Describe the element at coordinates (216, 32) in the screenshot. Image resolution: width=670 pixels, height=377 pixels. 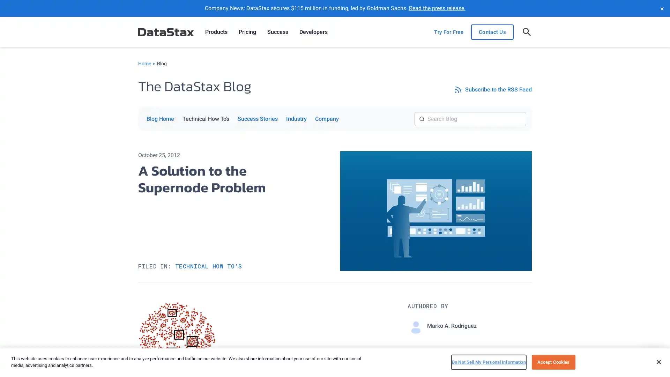
I see `Products` at that location.